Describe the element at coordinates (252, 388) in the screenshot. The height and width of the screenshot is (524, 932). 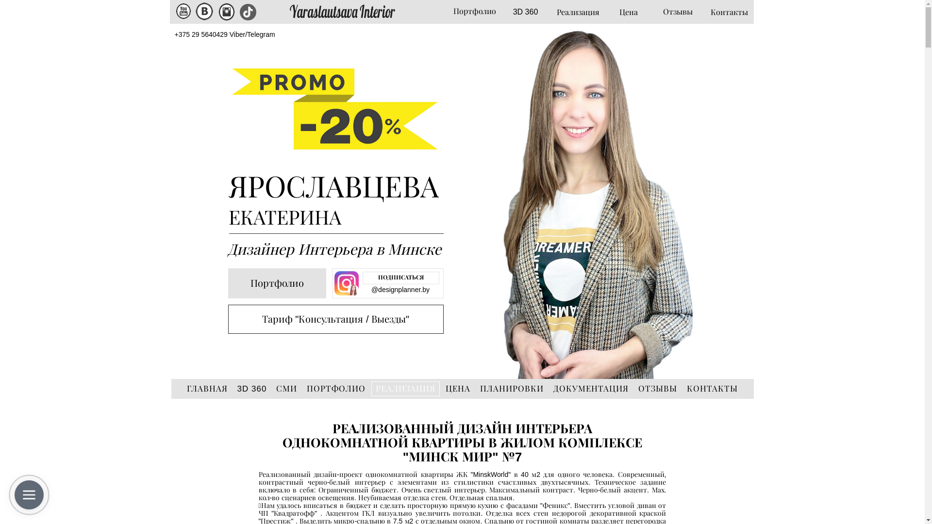
I see `'3D 360'` at that location.